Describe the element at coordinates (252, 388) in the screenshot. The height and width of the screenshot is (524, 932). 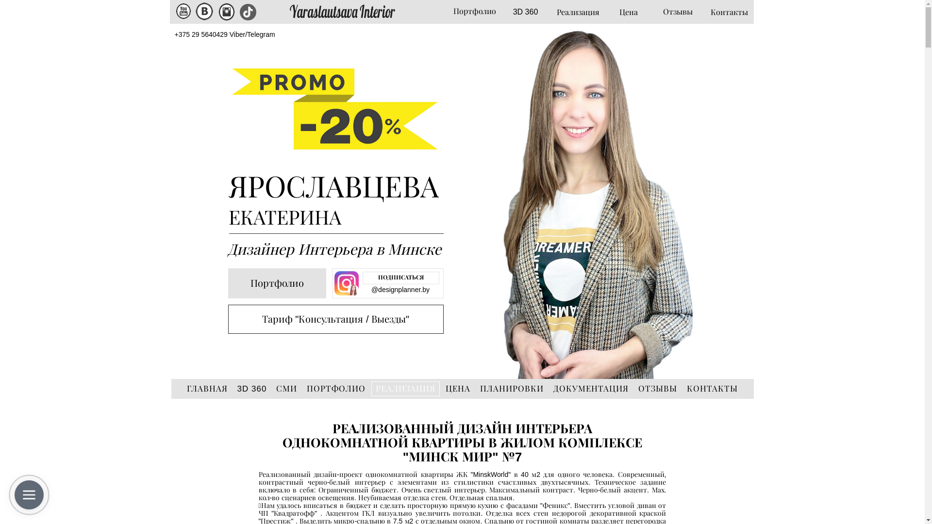
I see `'3D 360'` at that location.